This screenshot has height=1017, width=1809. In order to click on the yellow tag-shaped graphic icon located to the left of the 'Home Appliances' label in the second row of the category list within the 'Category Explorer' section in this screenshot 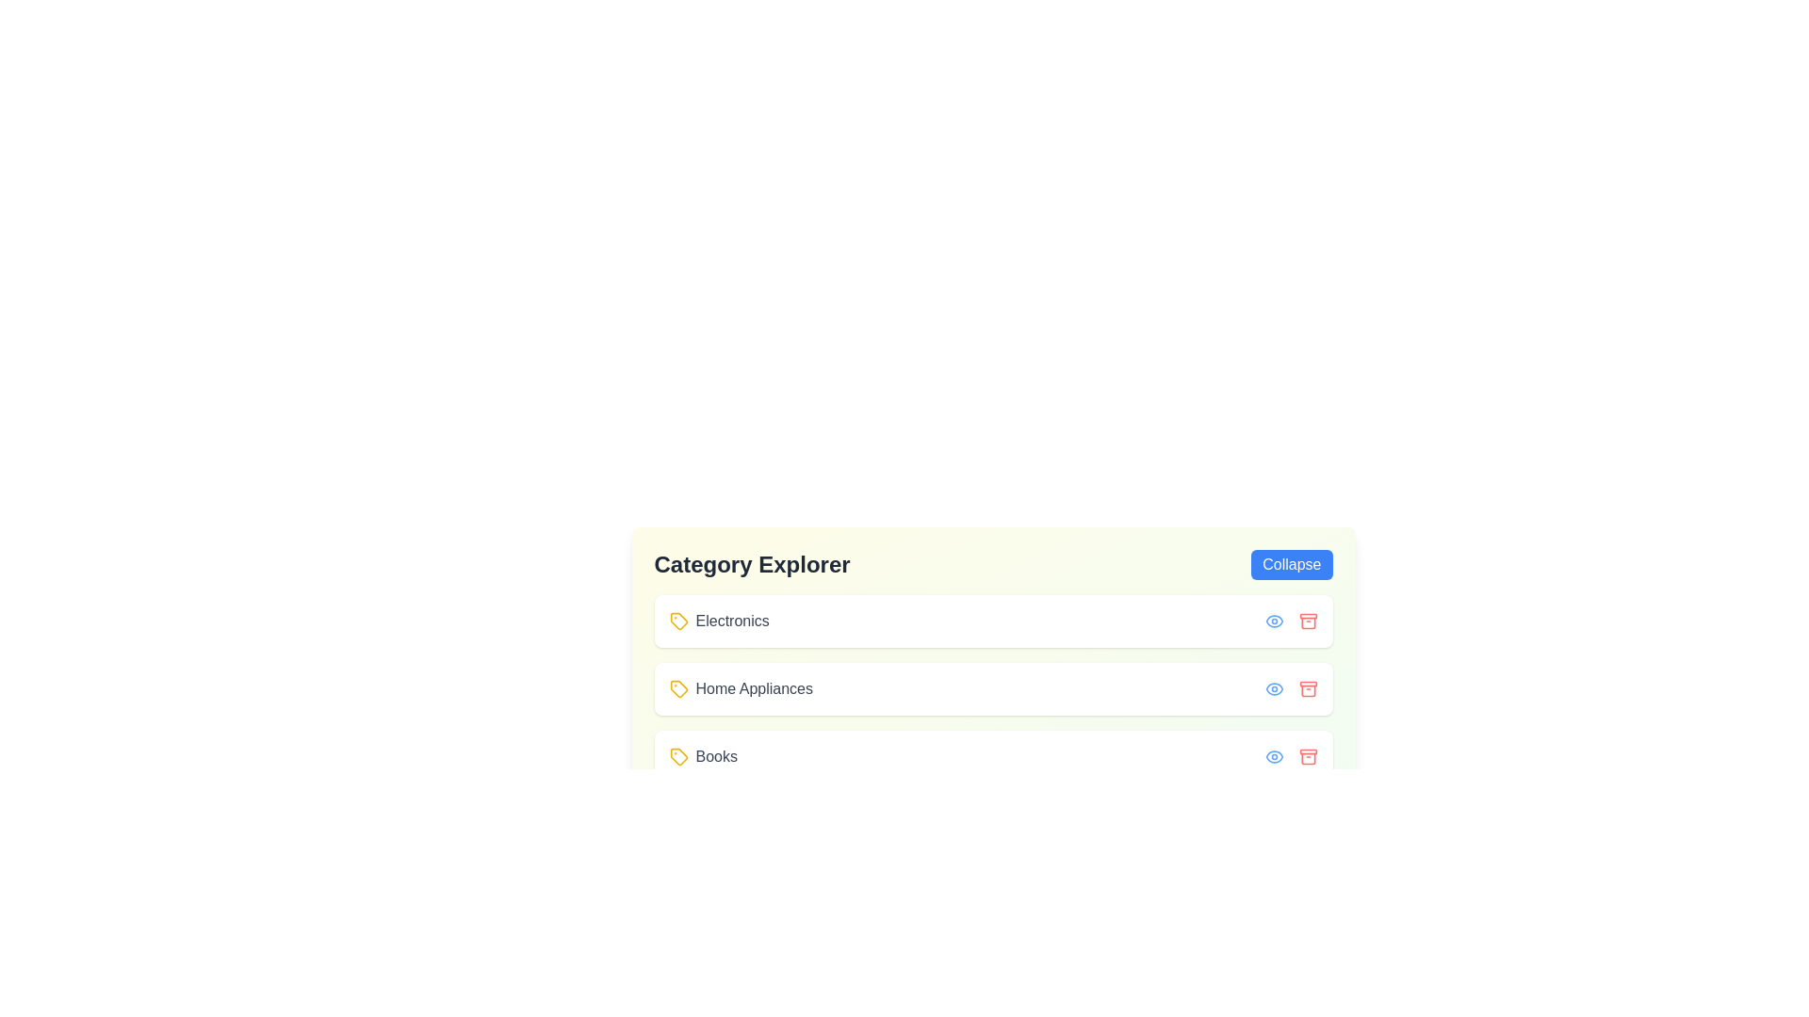, I will do `click(678, 689)`.